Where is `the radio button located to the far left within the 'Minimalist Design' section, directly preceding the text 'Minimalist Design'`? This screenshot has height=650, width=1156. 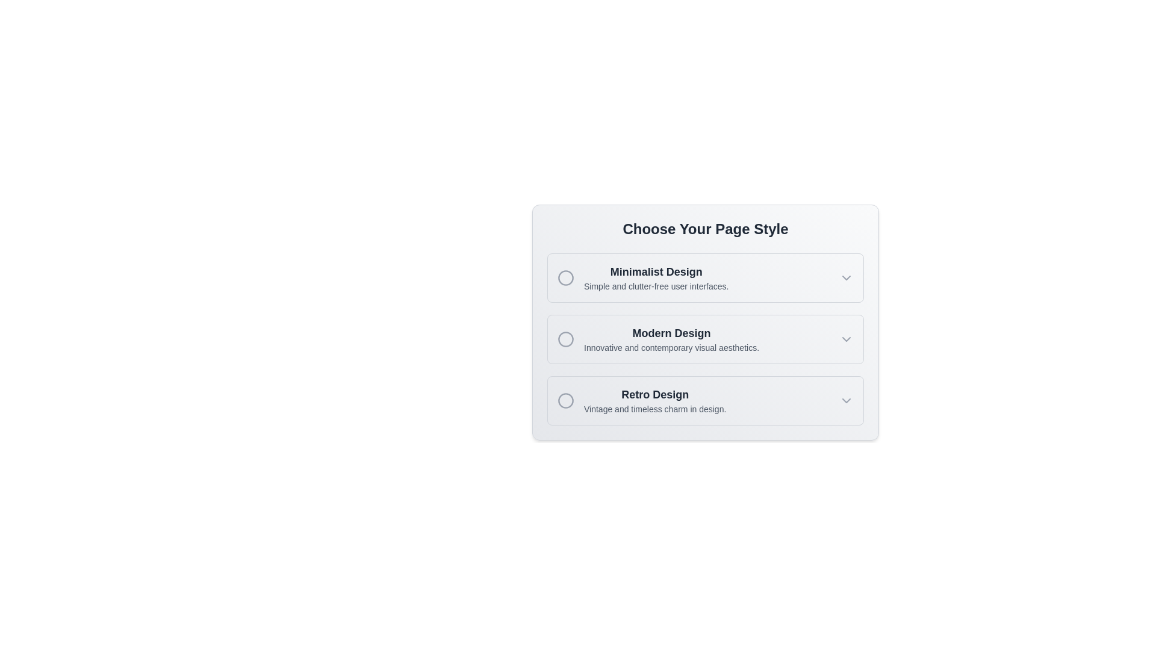 the radio button located to the far left within the 'Minimalist Design' section, directly preceding the text 'Minimalist Design' is located at coordinates (565, 278).